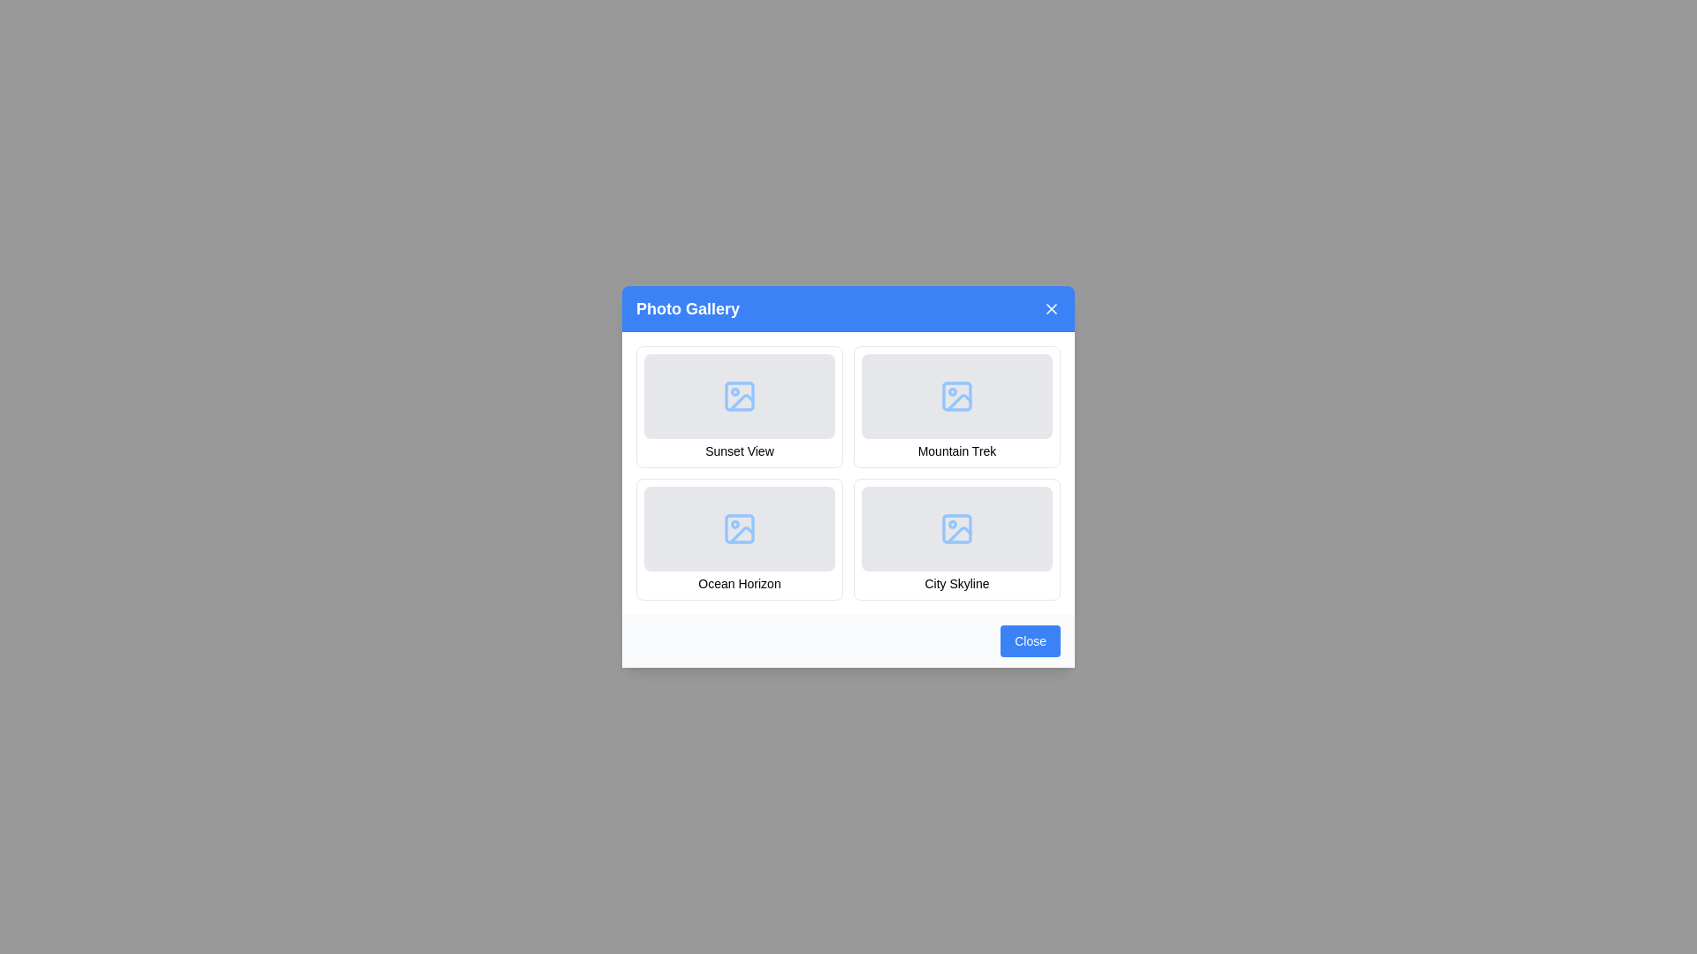  What do you see at coordinates (1052, 308) in the screenshot?
I see `the 'X' icon located at the top-right corner of the 'Photo Gallery' modal` at bounding box center [1052, 308].